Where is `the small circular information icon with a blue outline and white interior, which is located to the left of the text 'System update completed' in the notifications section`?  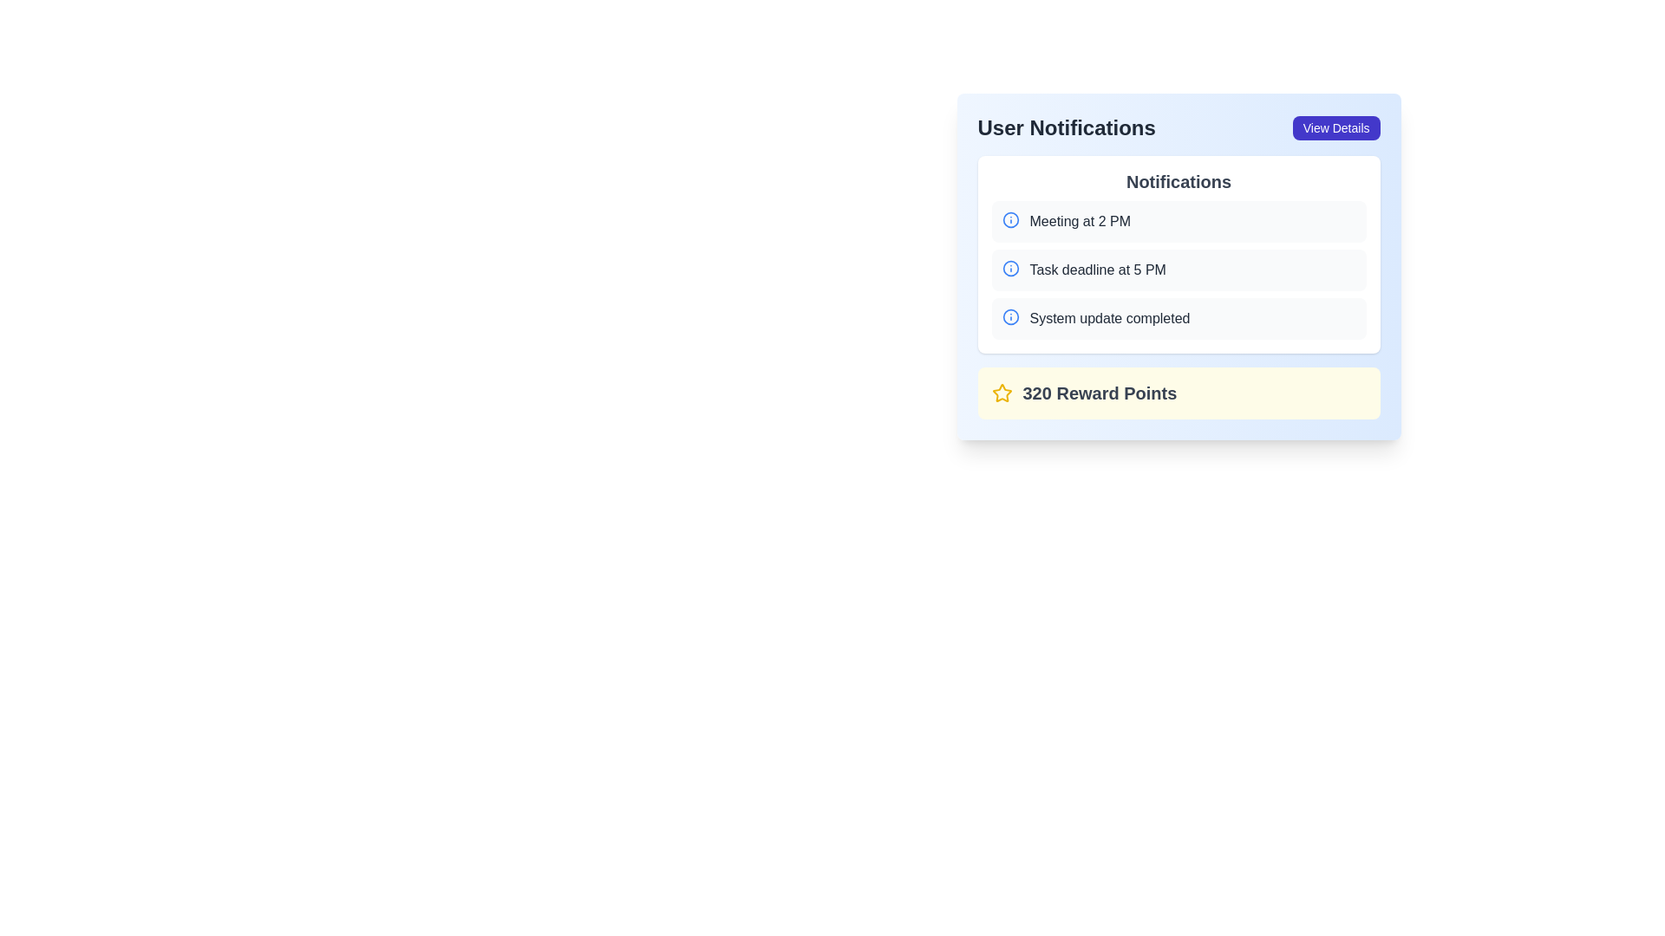
the small circular information icon with a blue outline and white interior, which is located to the left of the text 'System update completed' in the notifications section is located at coordinates (1010, 317).